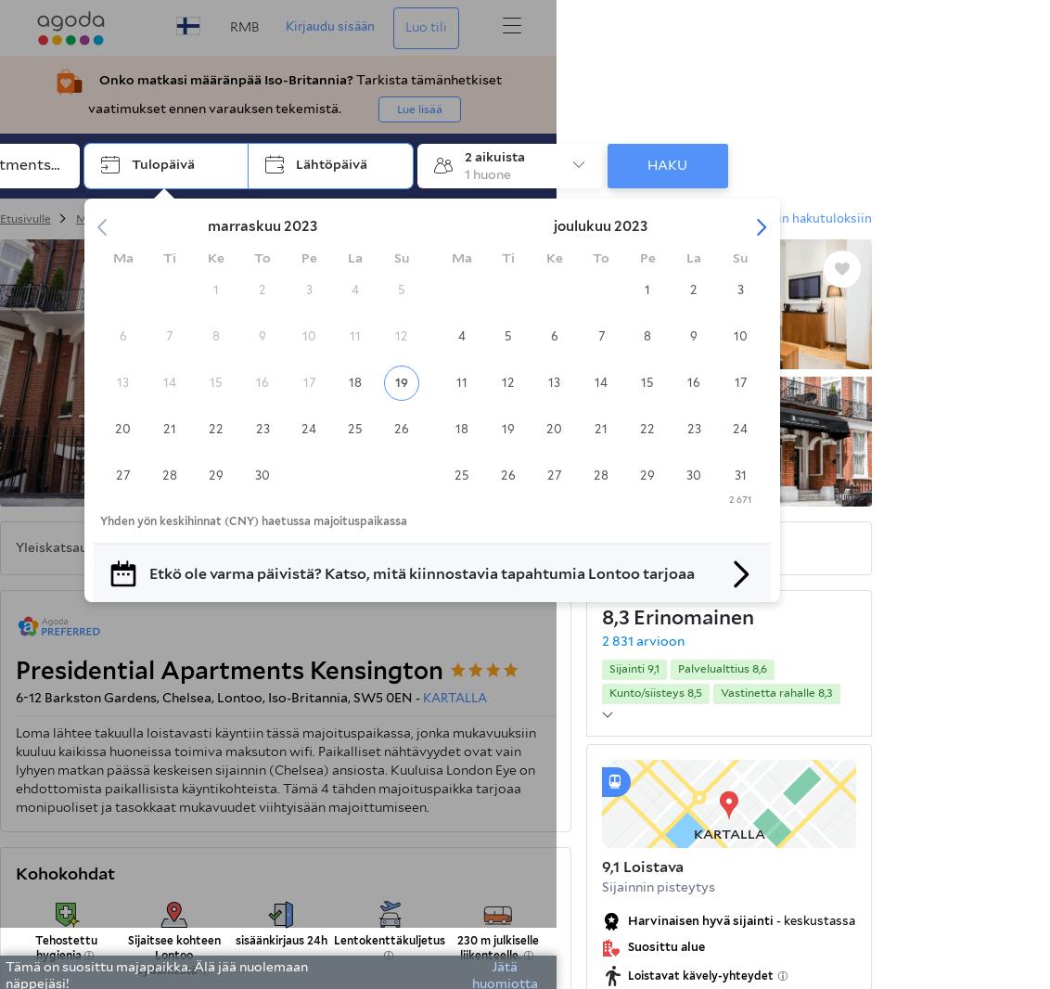 Image resolution: width=1050 pixels, height=989 pixels. Describe the element at coordinates (530, 217) in the screenshot. I see `'Lontoo asuntoja palveluilla'` at that location.